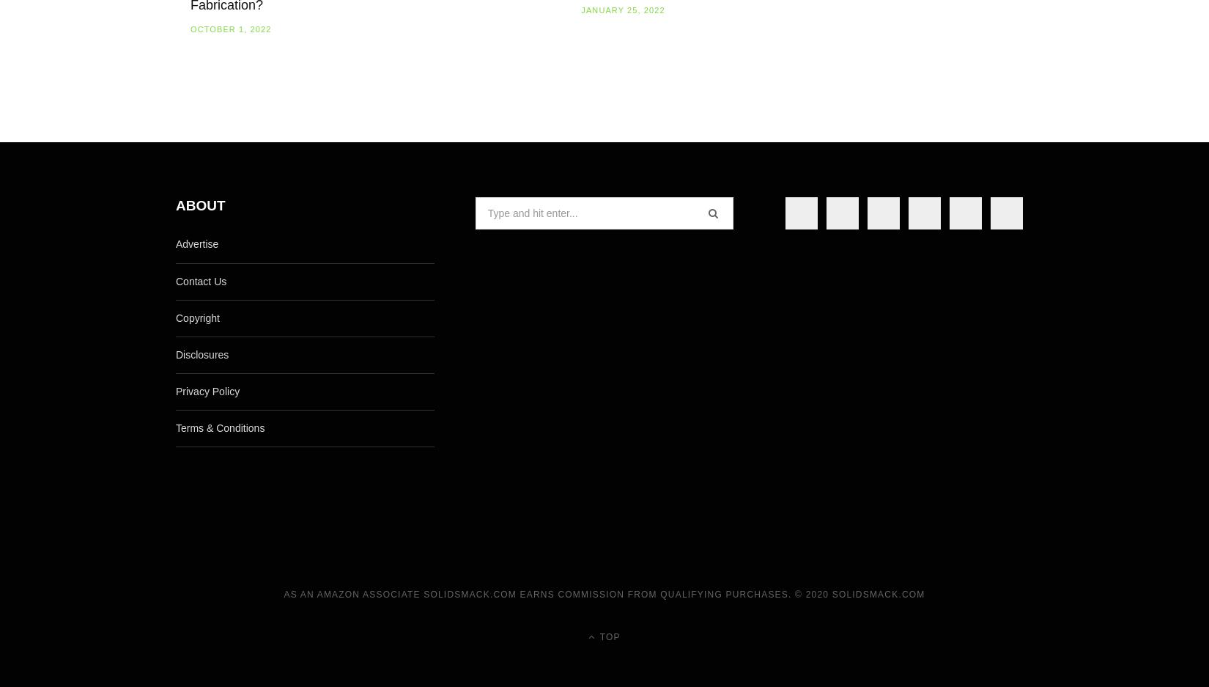 This screenshot has height=687, width=1209. What do you see at coordinates (230, 29) in the screenshot?
I see `'October 1, 2022'` at bounding box center [230, 29].